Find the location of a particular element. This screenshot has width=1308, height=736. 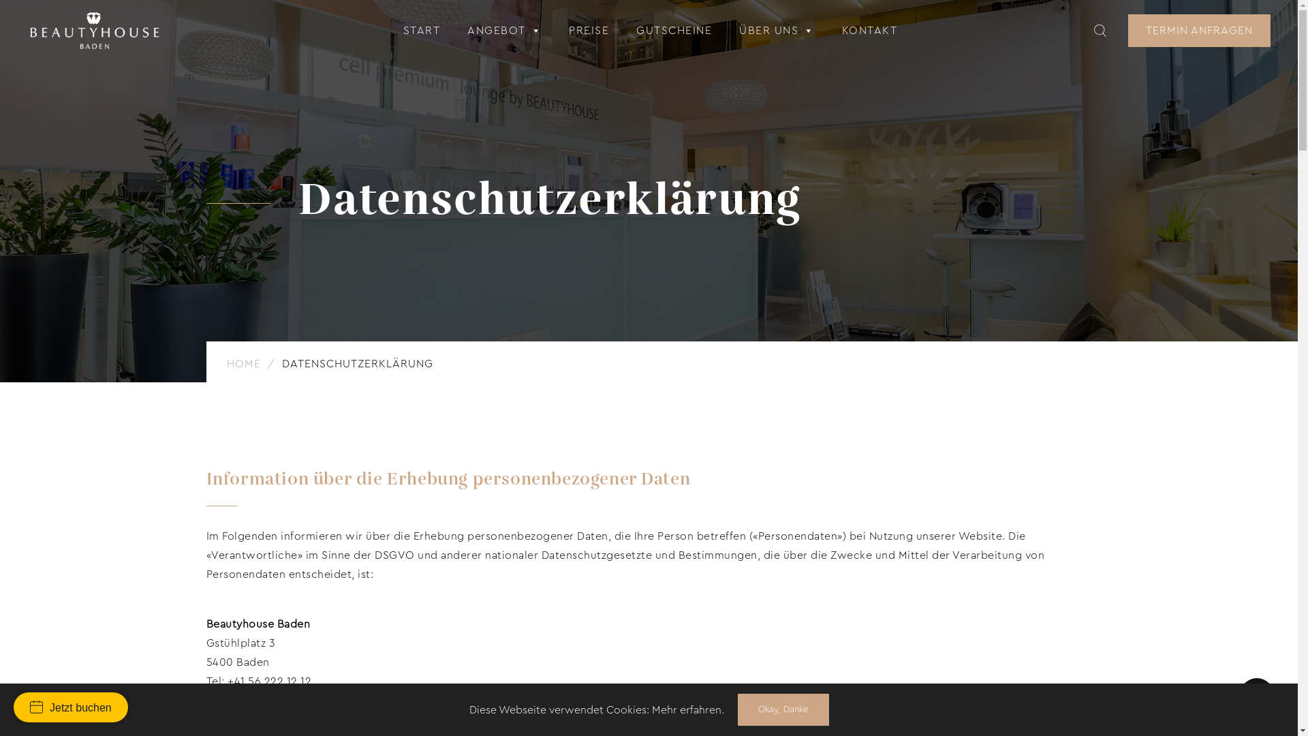

'ANGEBOT' is located at coordinates (503, 31).